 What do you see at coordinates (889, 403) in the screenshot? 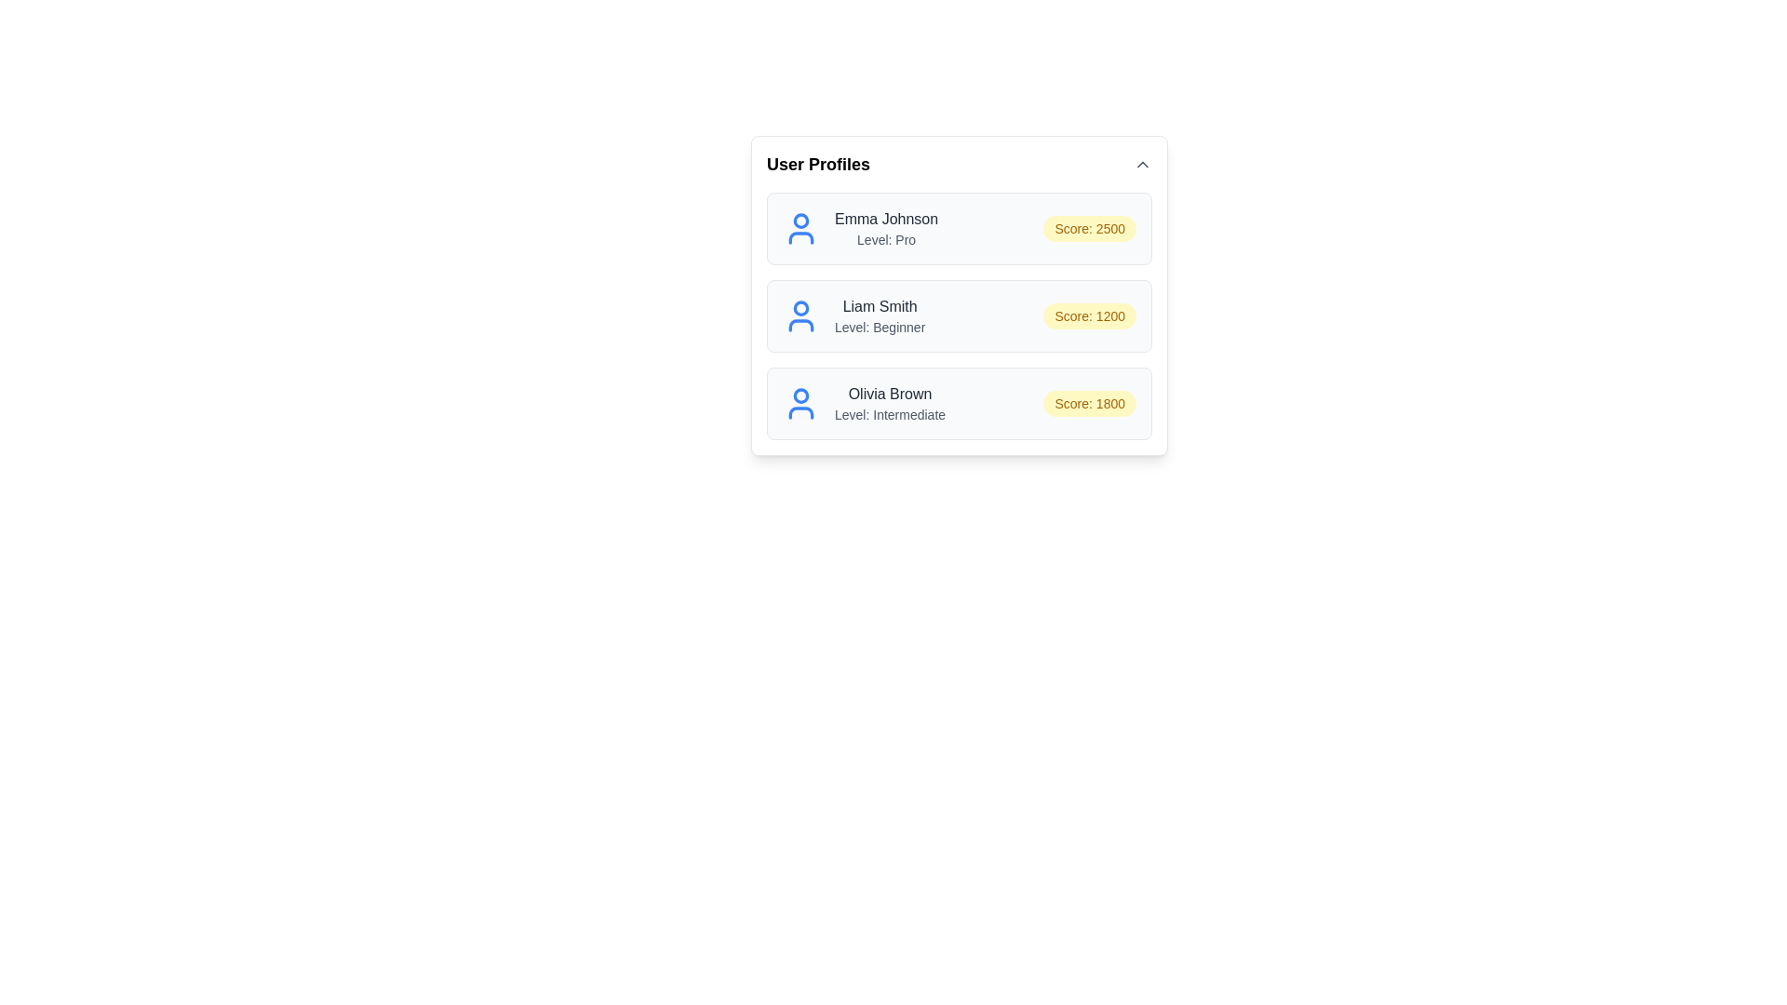
I see `the Text Display Block that shows the user's name and level designation, located as the third entry in the 'User Profiles' section, below 'Liam Smith'` at bounding box center [889, 403].